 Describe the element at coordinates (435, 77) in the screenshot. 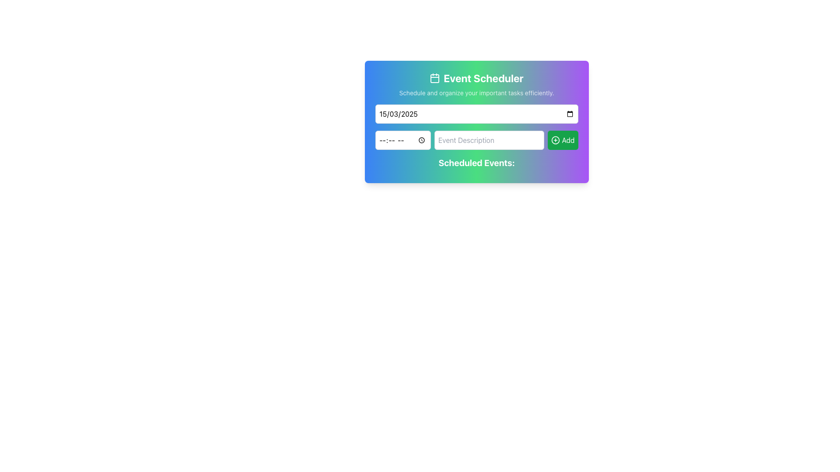

I see `the calendar icon located to the left and slightly above the 'Event Scheduler' text in the header section` at that location.